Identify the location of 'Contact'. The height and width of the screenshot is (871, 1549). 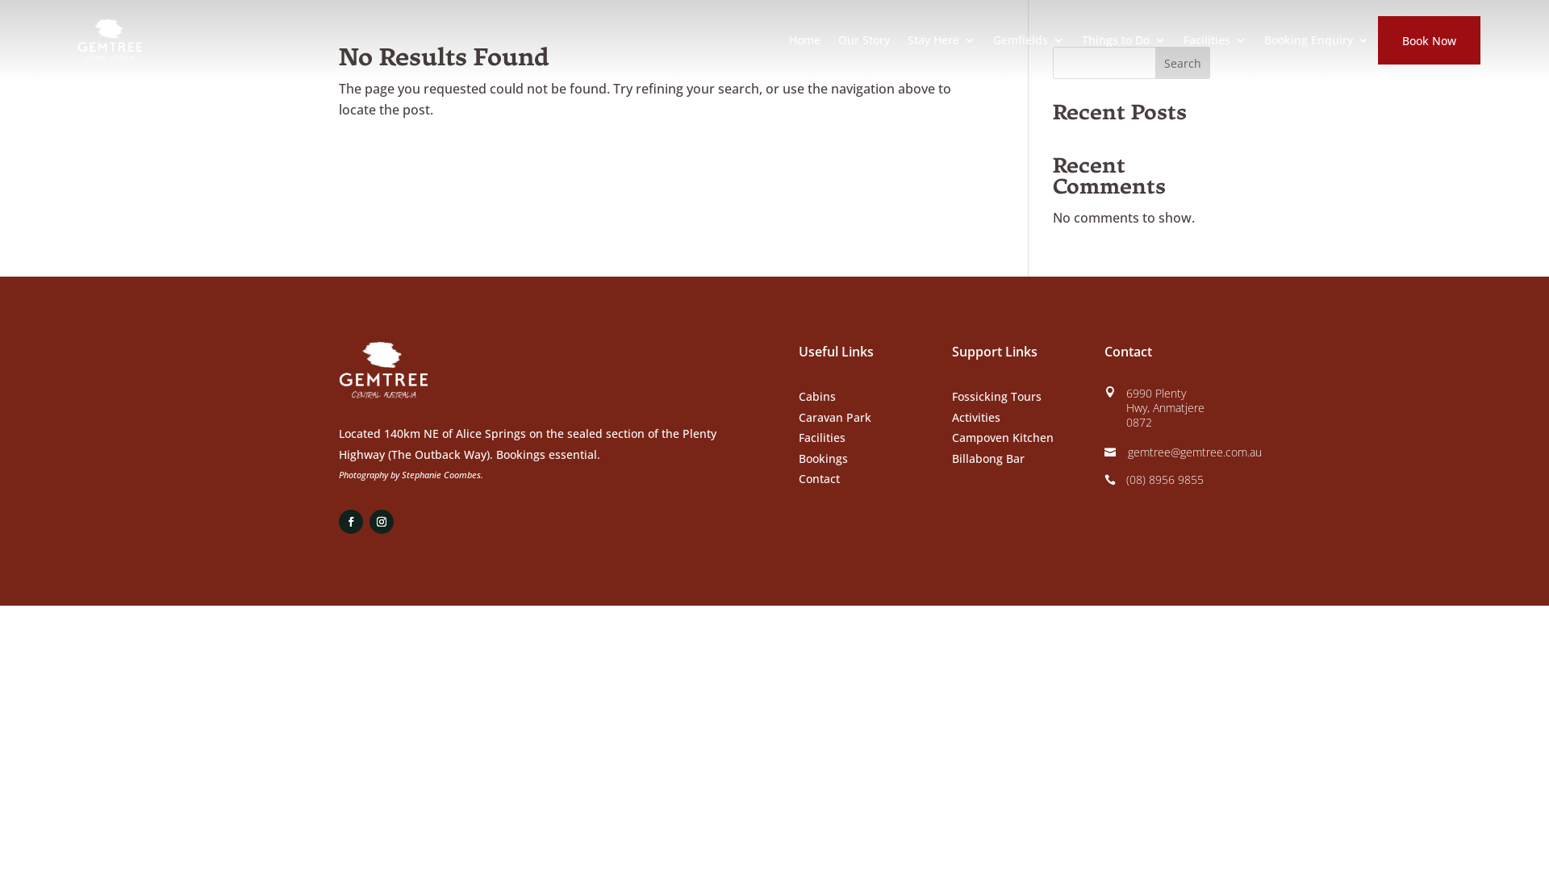
(819, 477).